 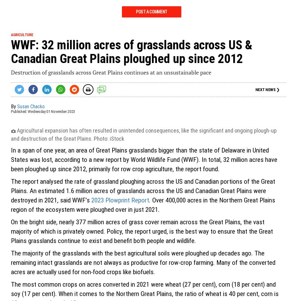 I want to click on 'Agriculture', so click(x=22, y=34).